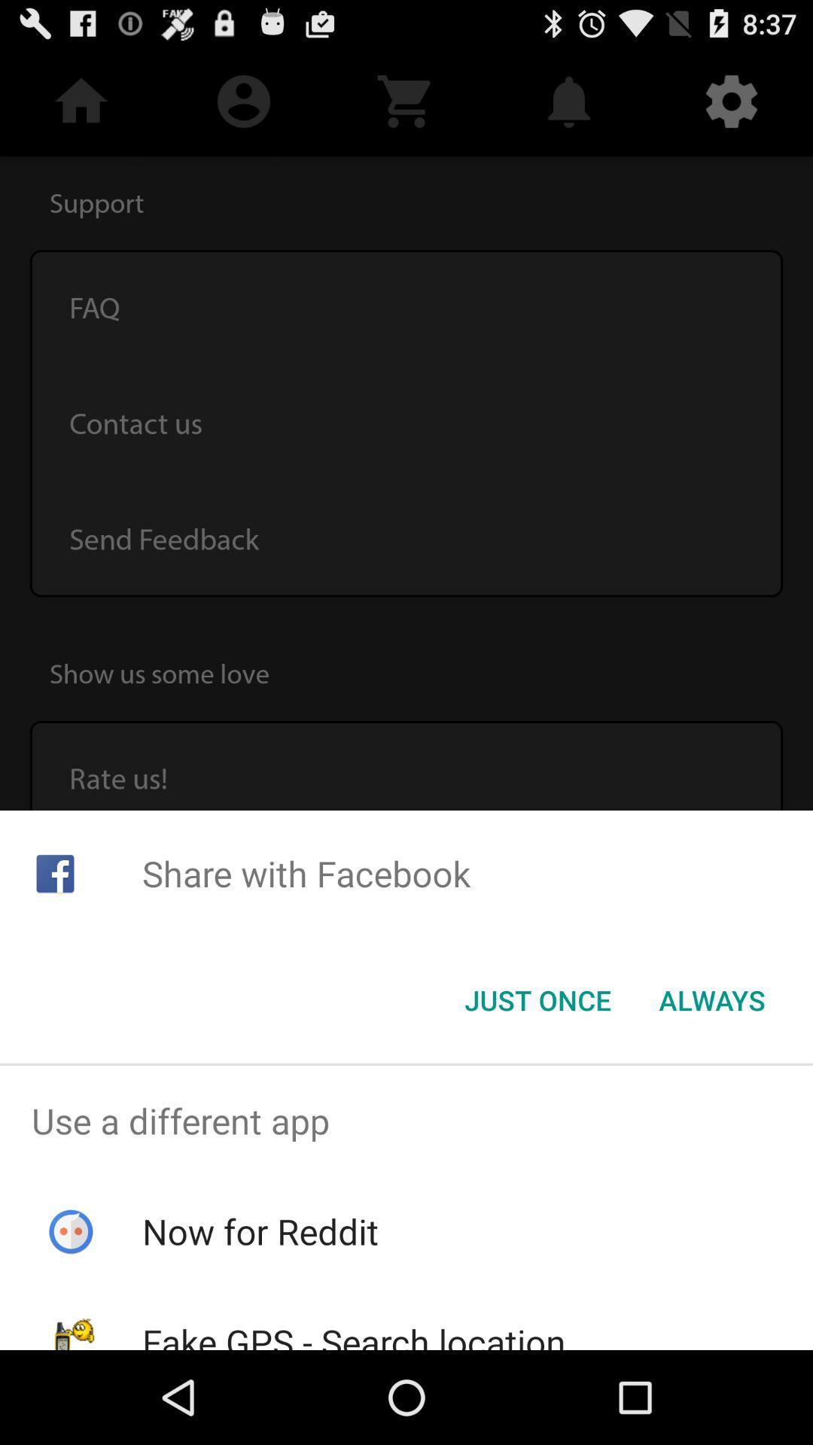 The height and width of the screenshot is (1445, 813). Describe the element at coordinates (711, 1000) in the screenshot. I see `the always button` at that location.